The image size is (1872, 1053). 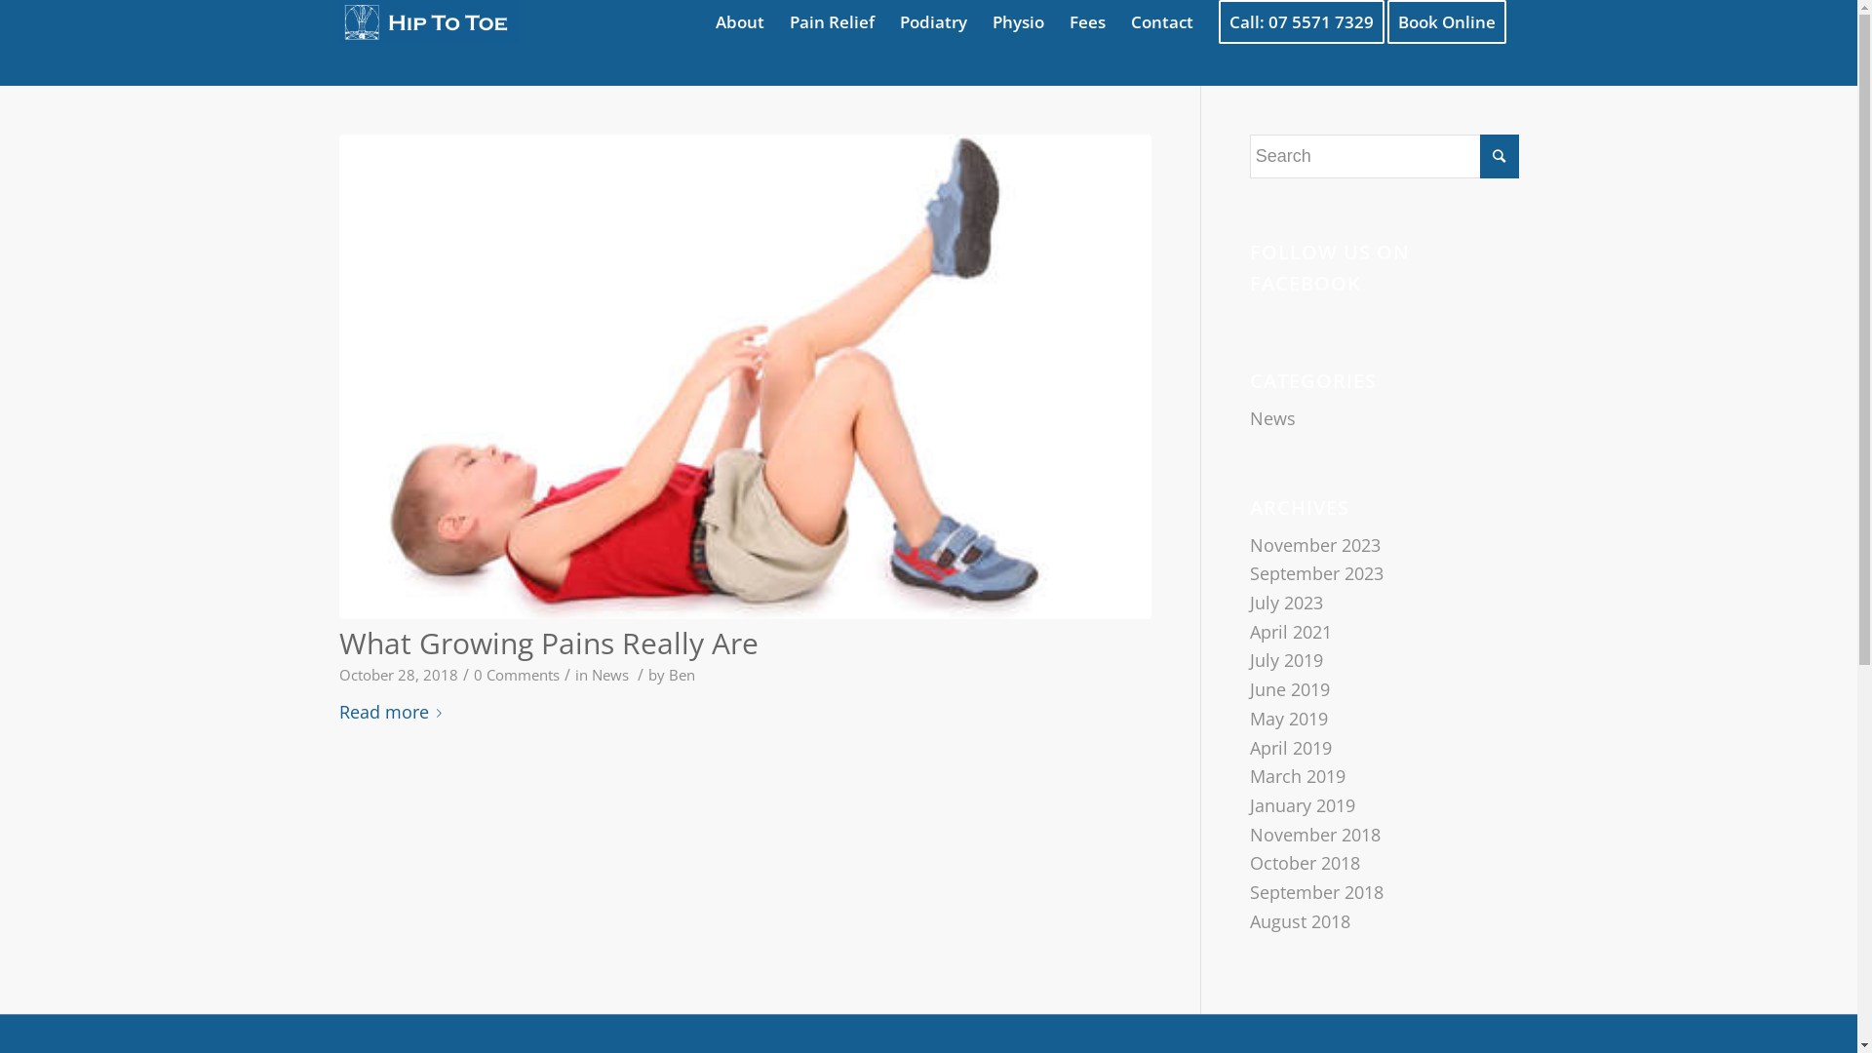 I want to click on 'September 2023', so click(x=1316, y=571).